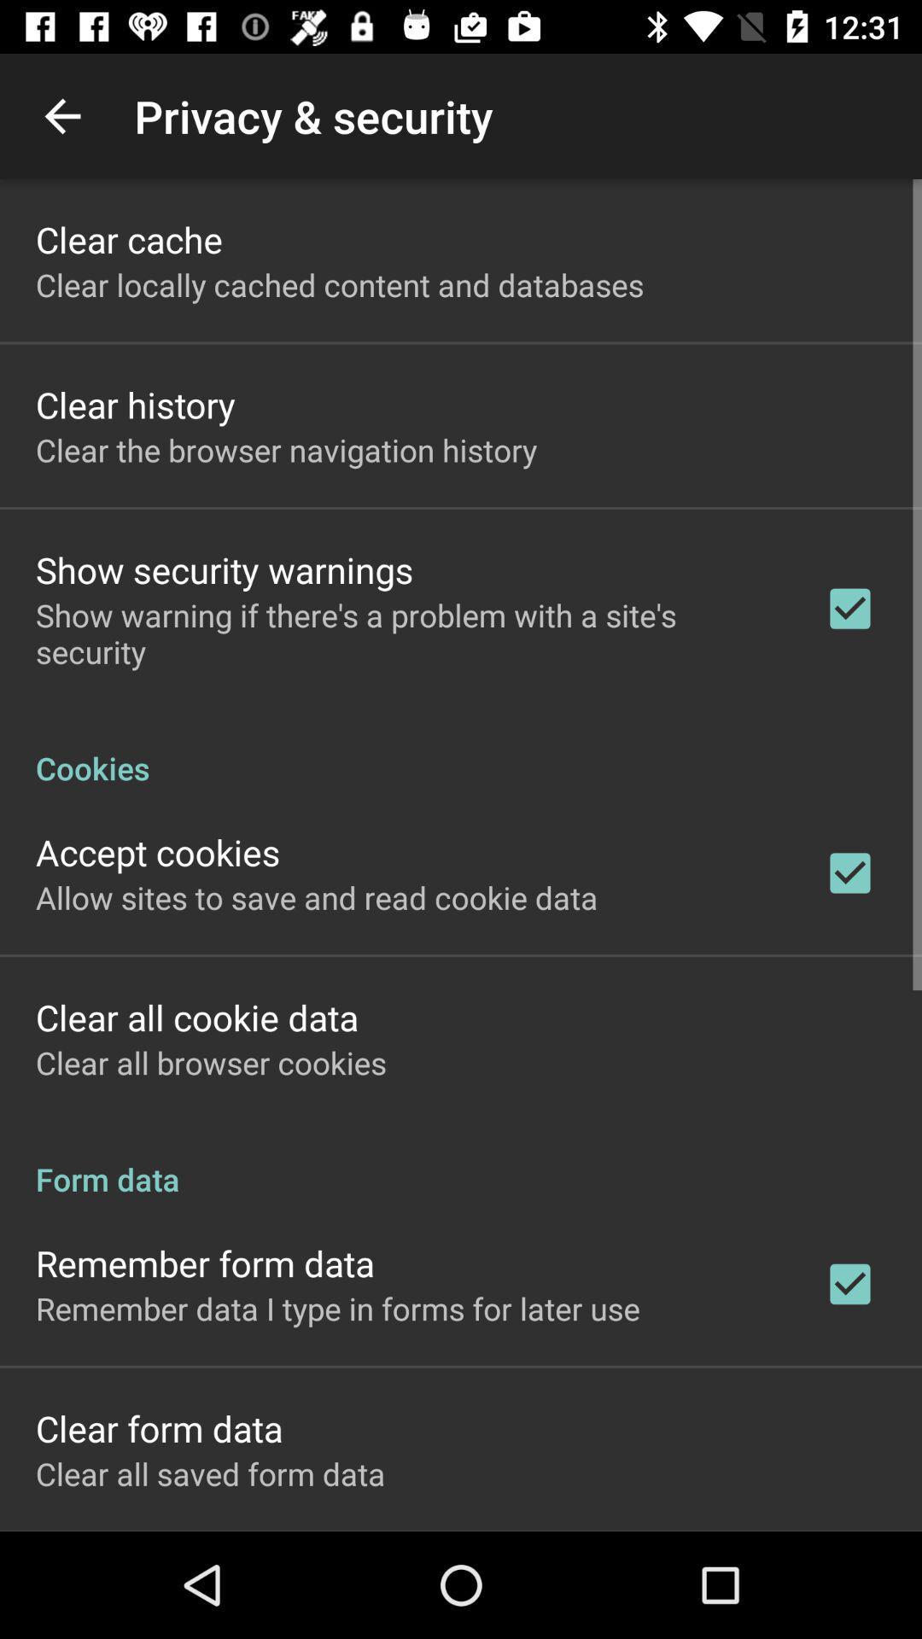 The width and height of the screenshot is (922, 1639). Describe the element at coordinates (158, 852) in the screenshot. I see `item above allow sites to icon` at that location.